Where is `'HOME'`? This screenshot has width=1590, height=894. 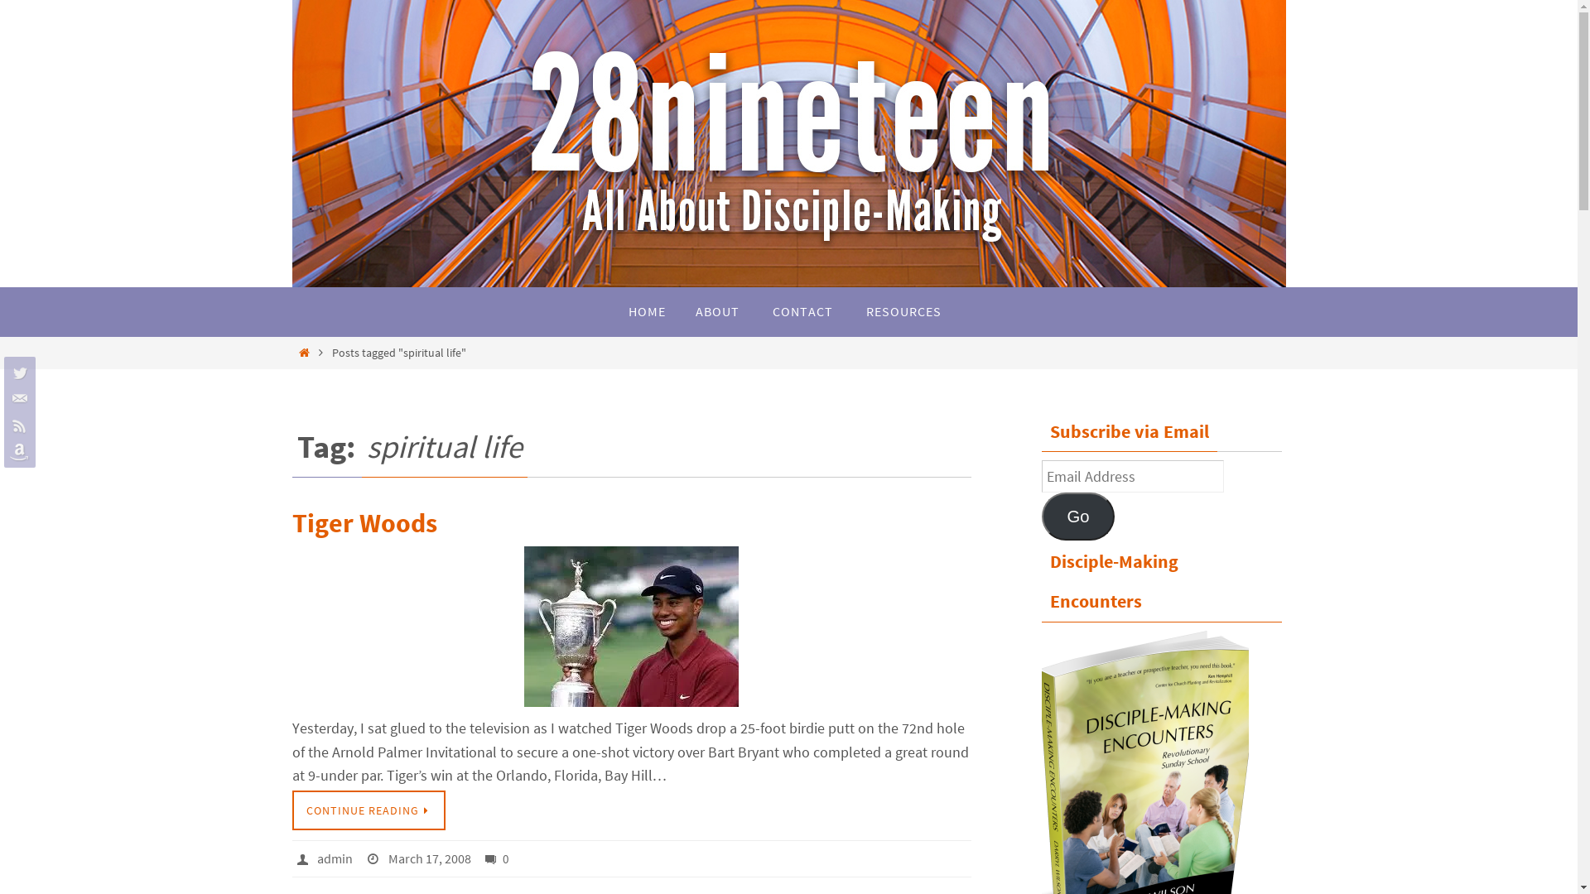
'HOME' is located at coordinates (645, 312).